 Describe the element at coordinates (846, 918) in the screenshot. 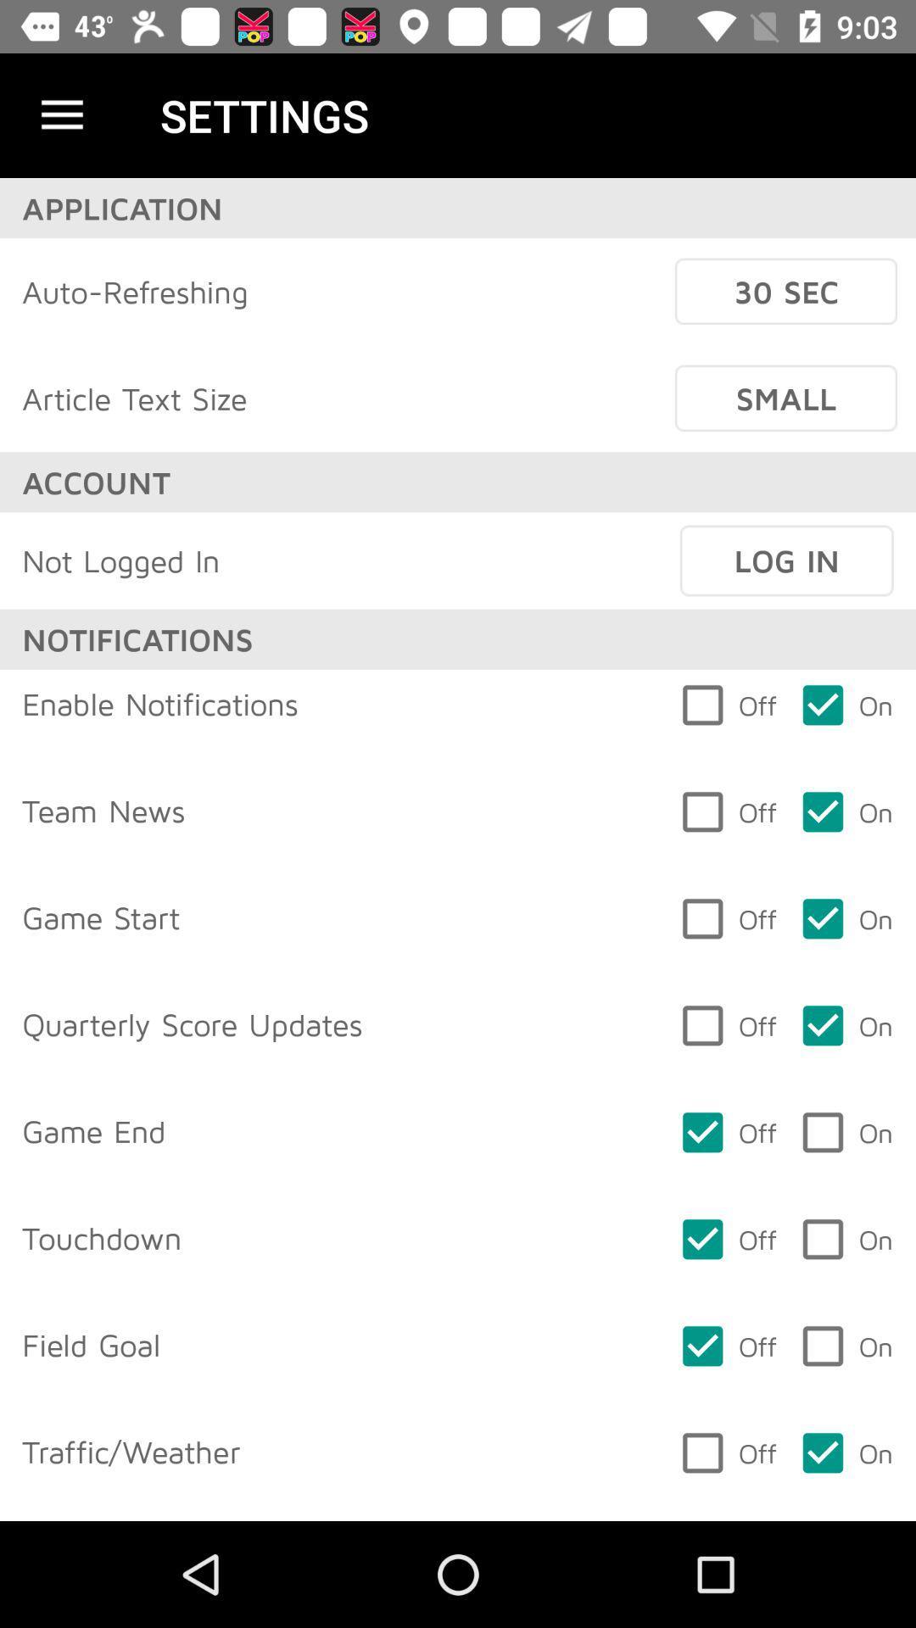

I see `the third green button from notifications` at that location.